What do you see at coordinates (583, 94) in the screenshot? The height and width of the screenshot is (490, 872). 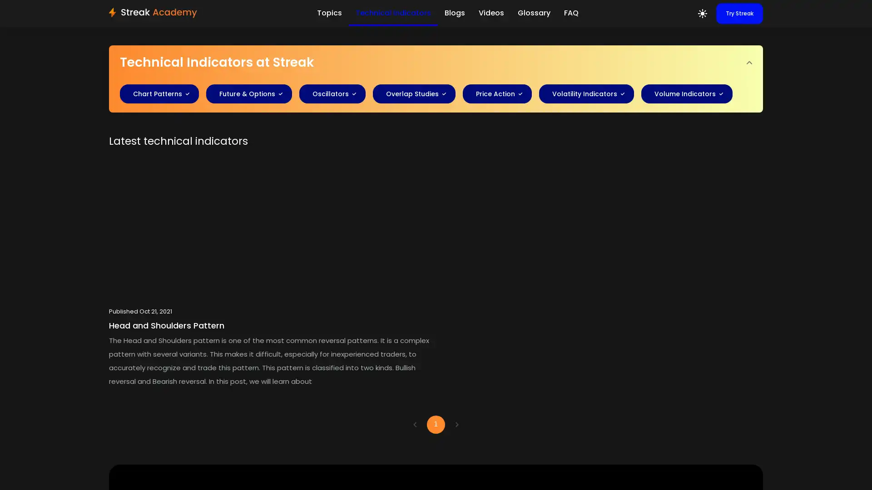 I see `Volatility Indicators` at bounding box center [583, 94].